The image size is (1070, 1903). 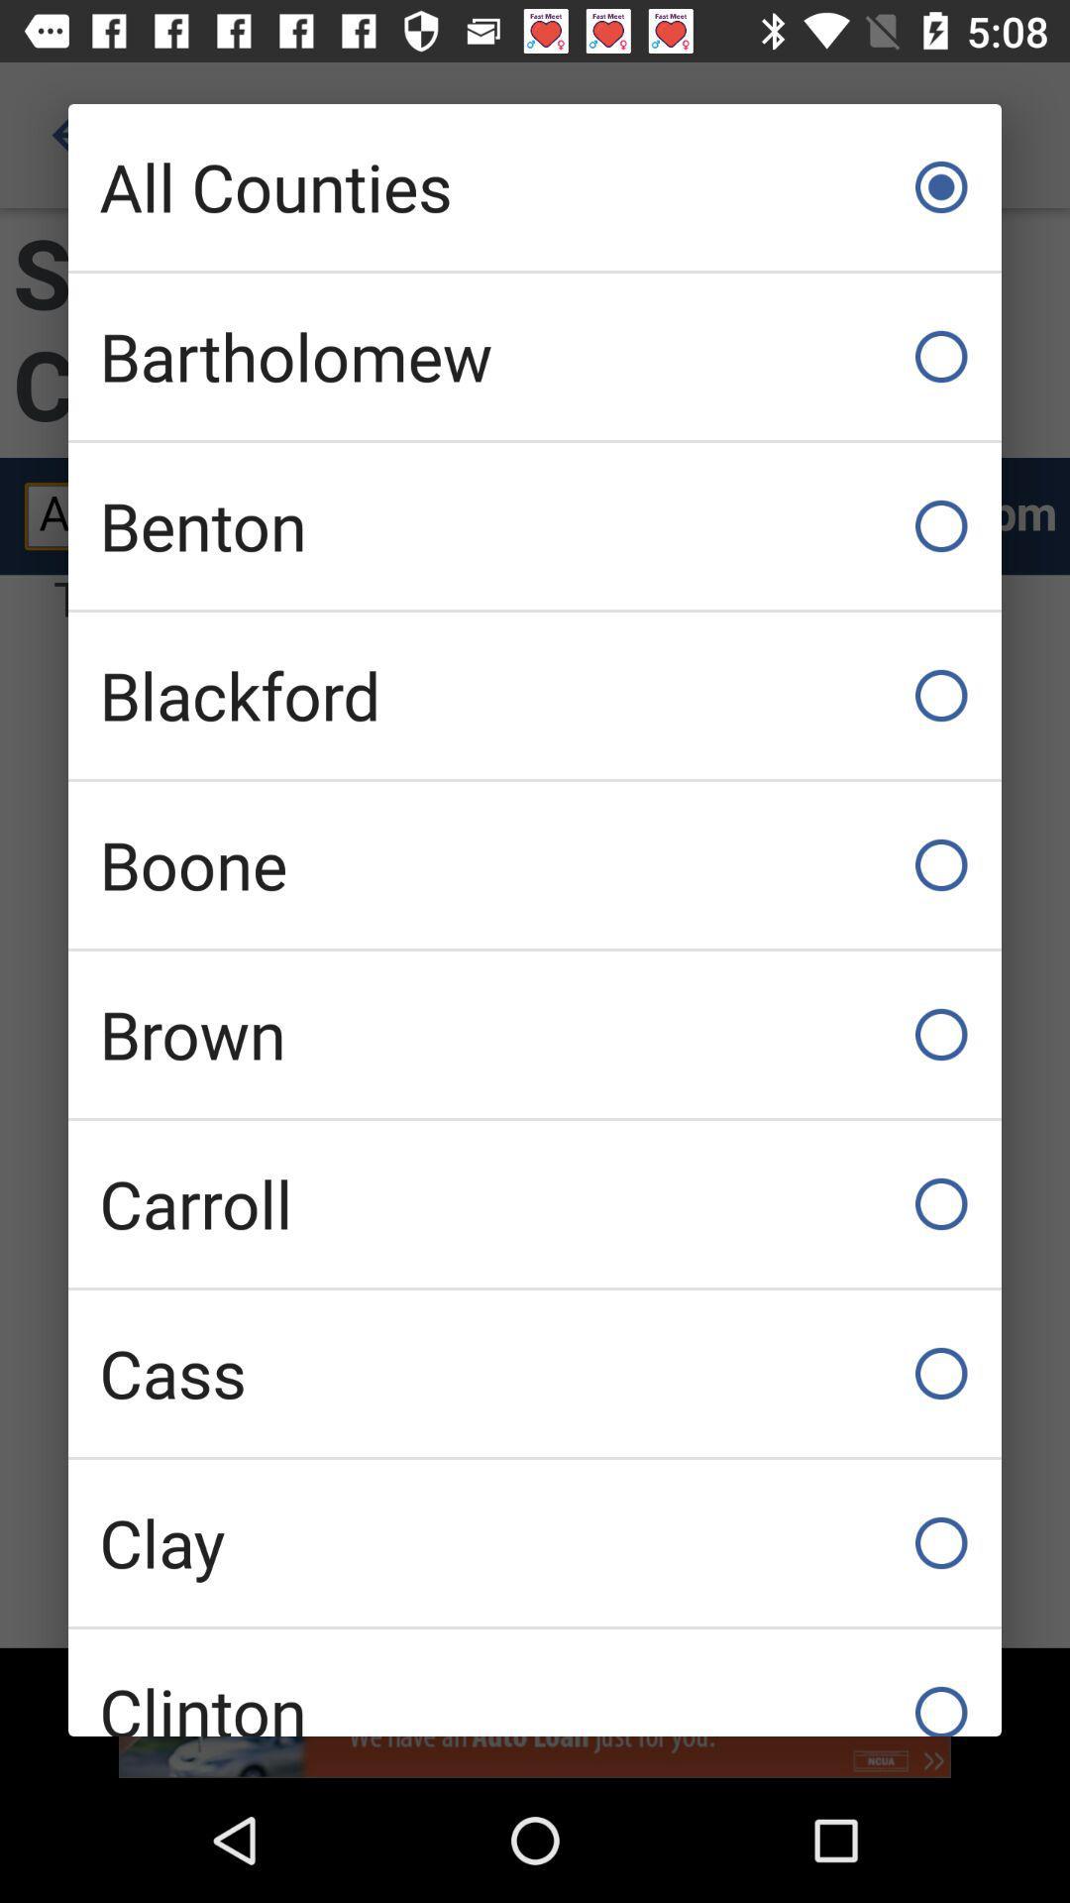 What do you see at coordinates (535, 1202) in the screenshot?
I see `item above the cass` at bounding box center [535, 1202].